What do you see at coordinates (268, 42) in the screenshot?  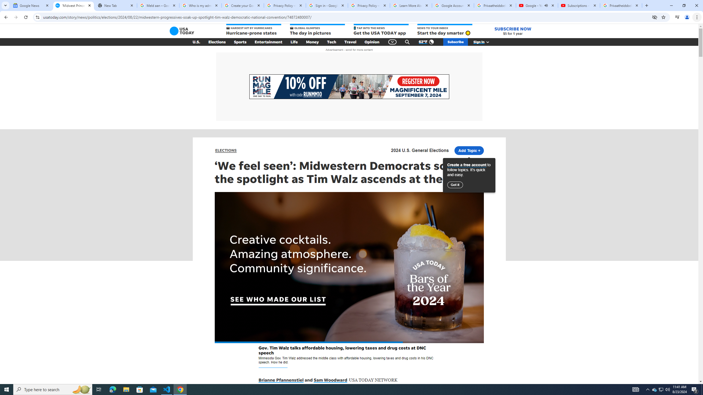 I see `'Entertainment'` at bounding box center [268, 42].